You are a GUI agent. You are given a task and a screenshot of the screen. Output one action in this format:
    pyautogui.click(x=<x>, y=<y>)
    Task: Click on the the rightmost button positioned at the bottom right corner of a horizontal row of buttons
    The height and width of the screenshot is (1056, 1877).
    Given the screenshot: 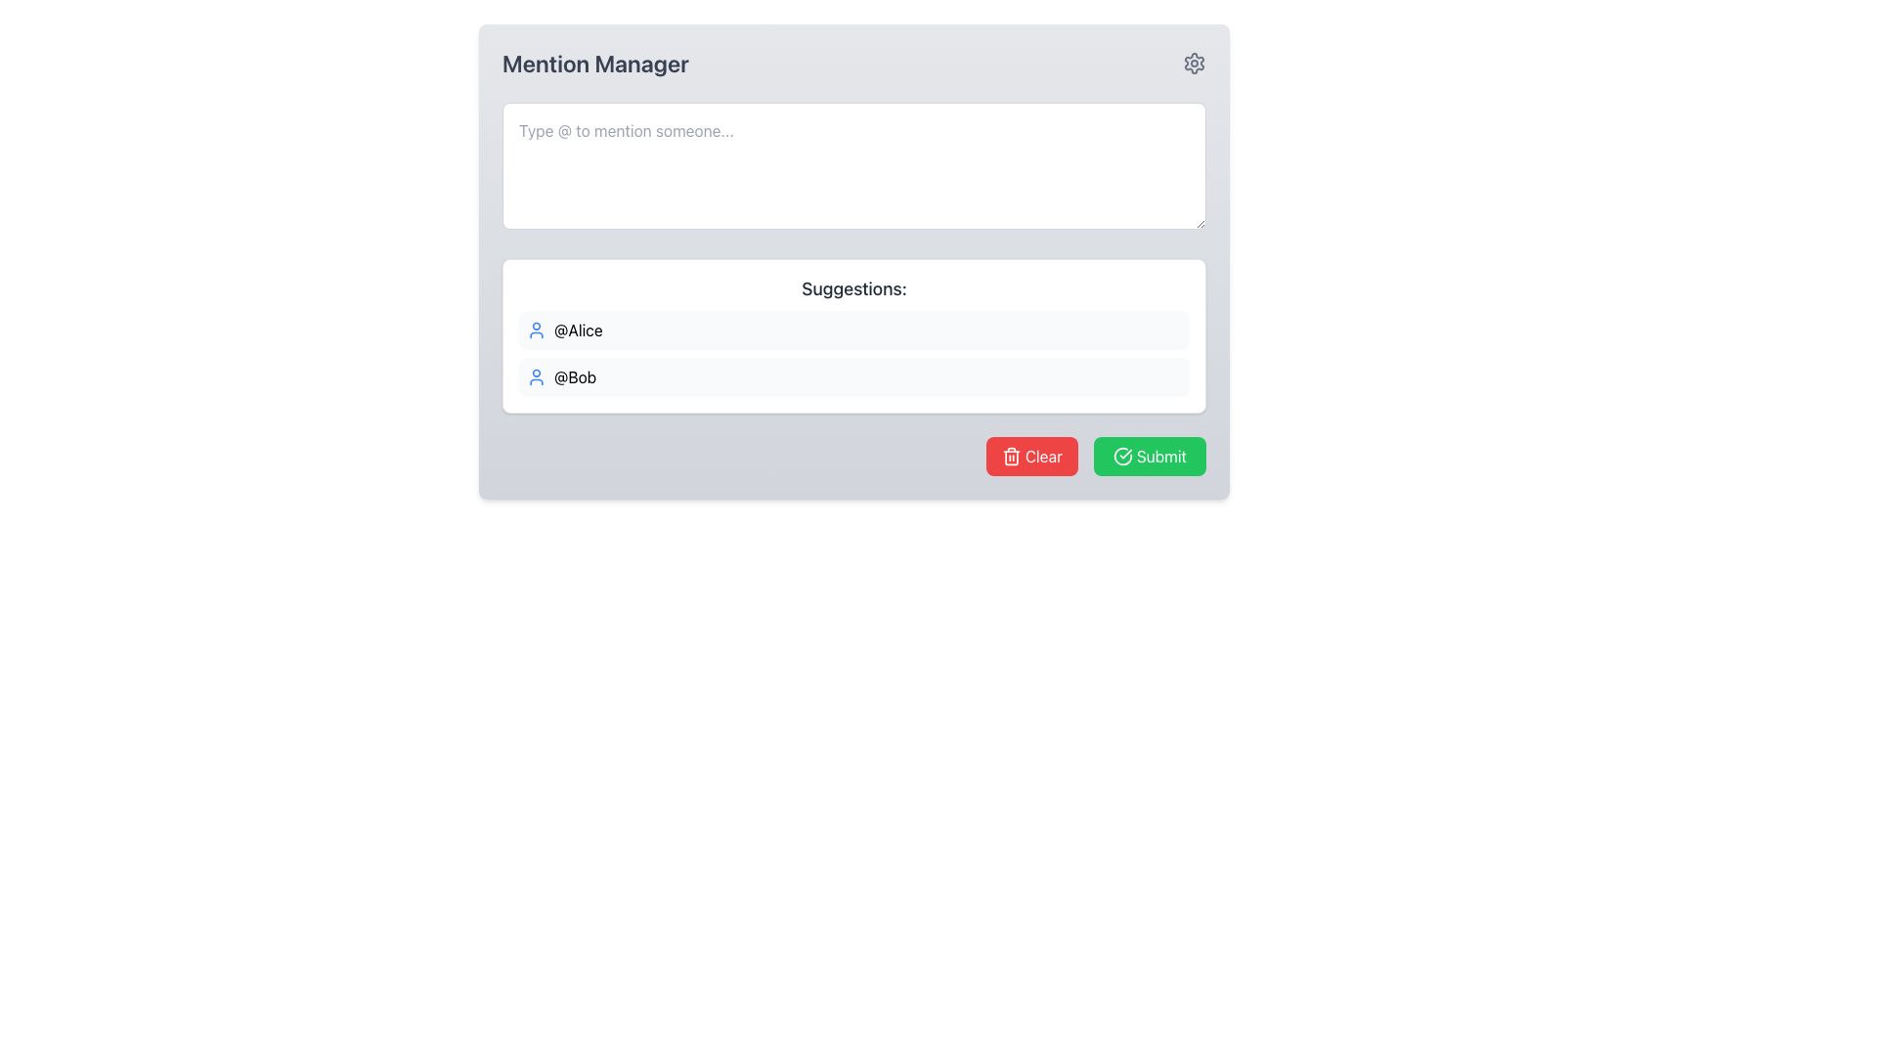 What is the action you would take?
    pyautogui.click(x=1150, y=456)
    